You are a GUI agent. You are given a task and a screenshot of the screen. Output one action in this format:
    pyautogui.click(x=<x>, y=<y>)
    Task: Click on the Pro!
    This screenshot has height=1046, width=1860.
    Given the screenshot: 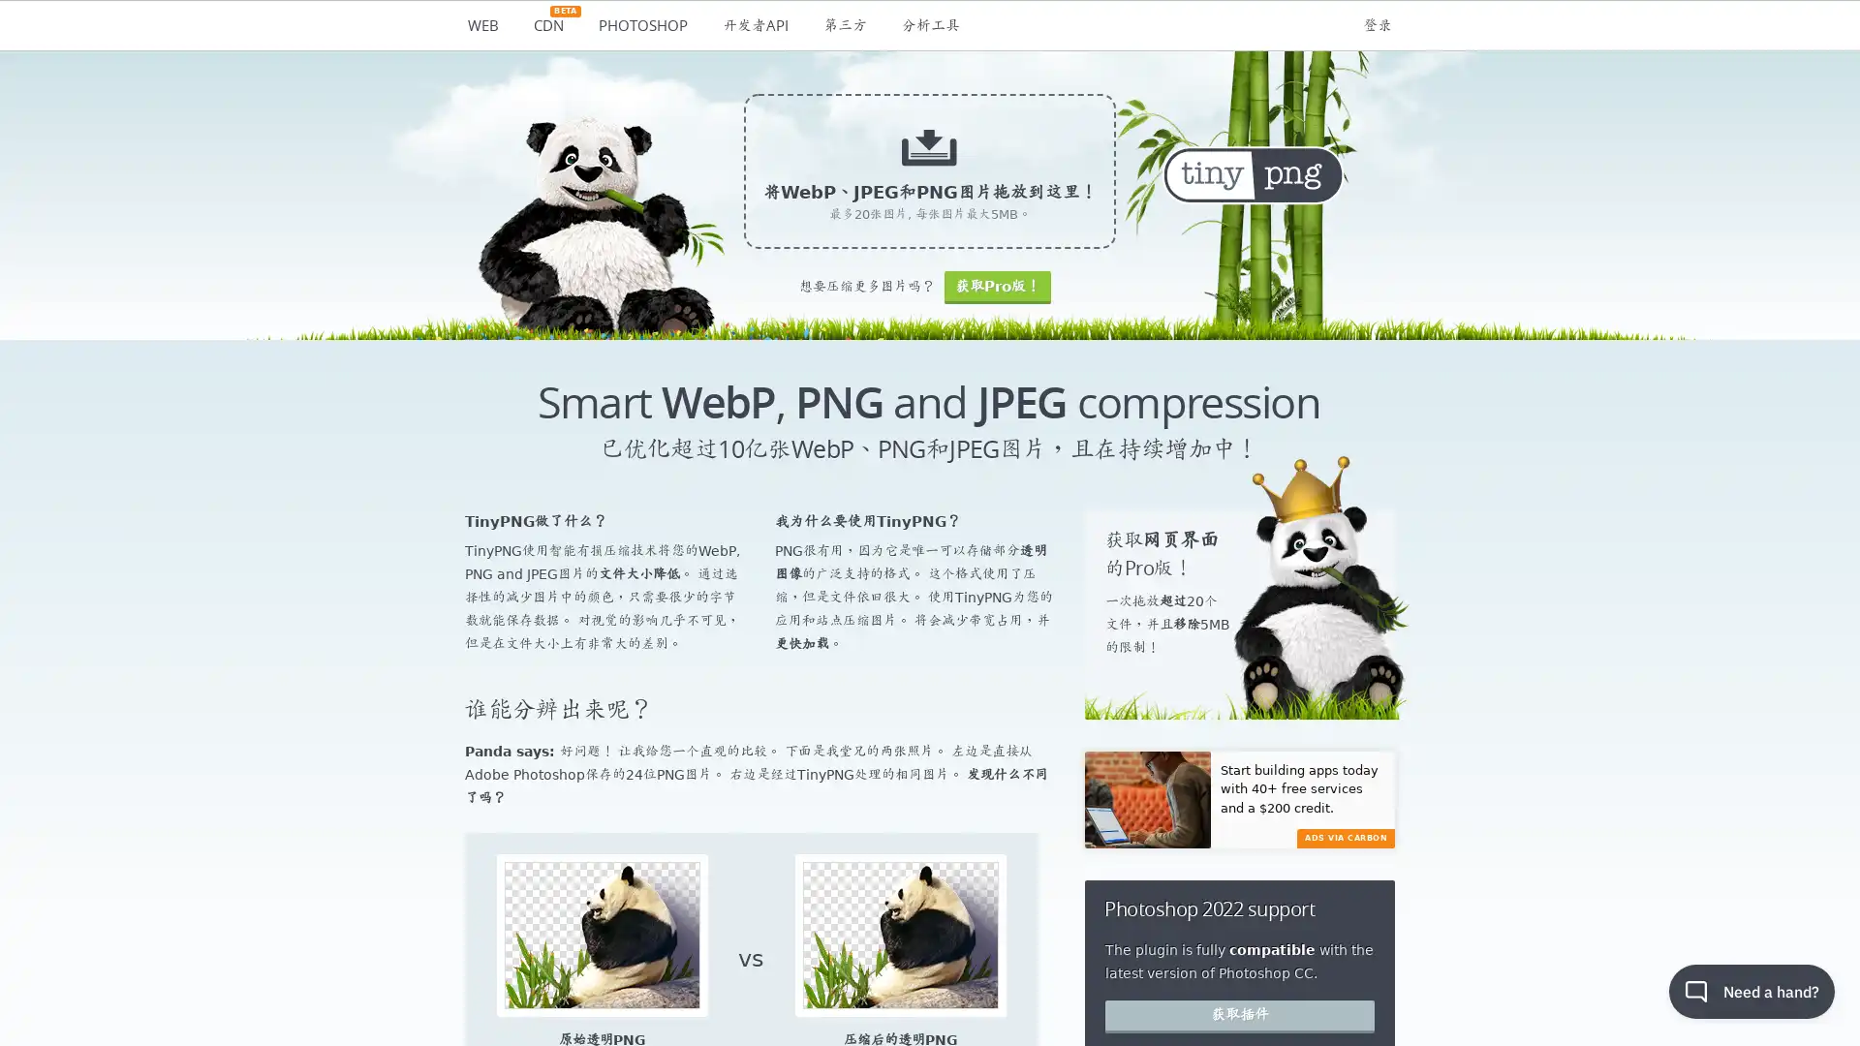 What is the action you would take?
    pyautogui.click(x=997, y=287)
    